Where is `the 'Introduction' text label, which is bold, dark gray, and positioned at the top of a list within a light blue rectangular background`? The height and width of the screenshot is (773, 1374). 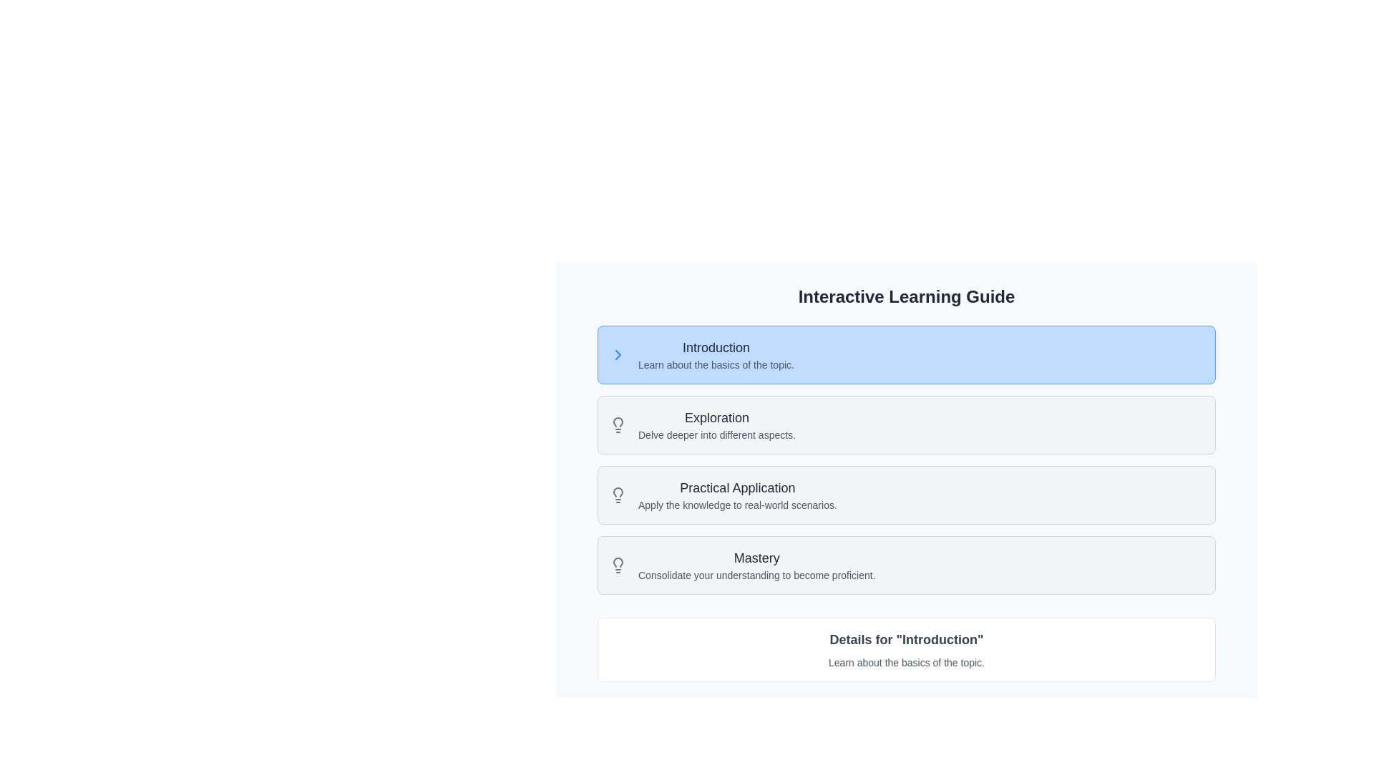
the 'Introduction' text label, which is bold, dark gray, and positioned at the top of a list within a light blue rectangular background is located at coordinates (716, 348).